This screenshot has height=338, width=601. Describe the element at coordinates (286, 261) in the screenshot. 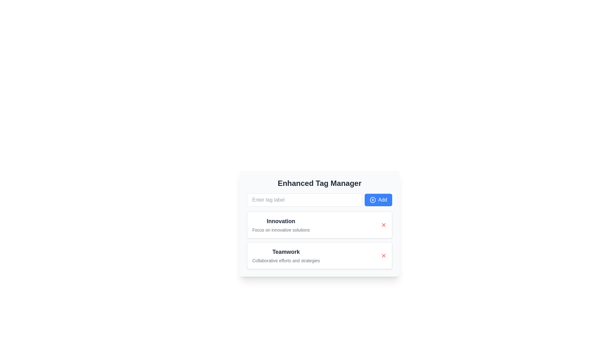

I see `text label located in the lower portion of the 'Teamwork' section, directly below its sibling labeled 'Teamwork', and vertically aligned with it` at that location.